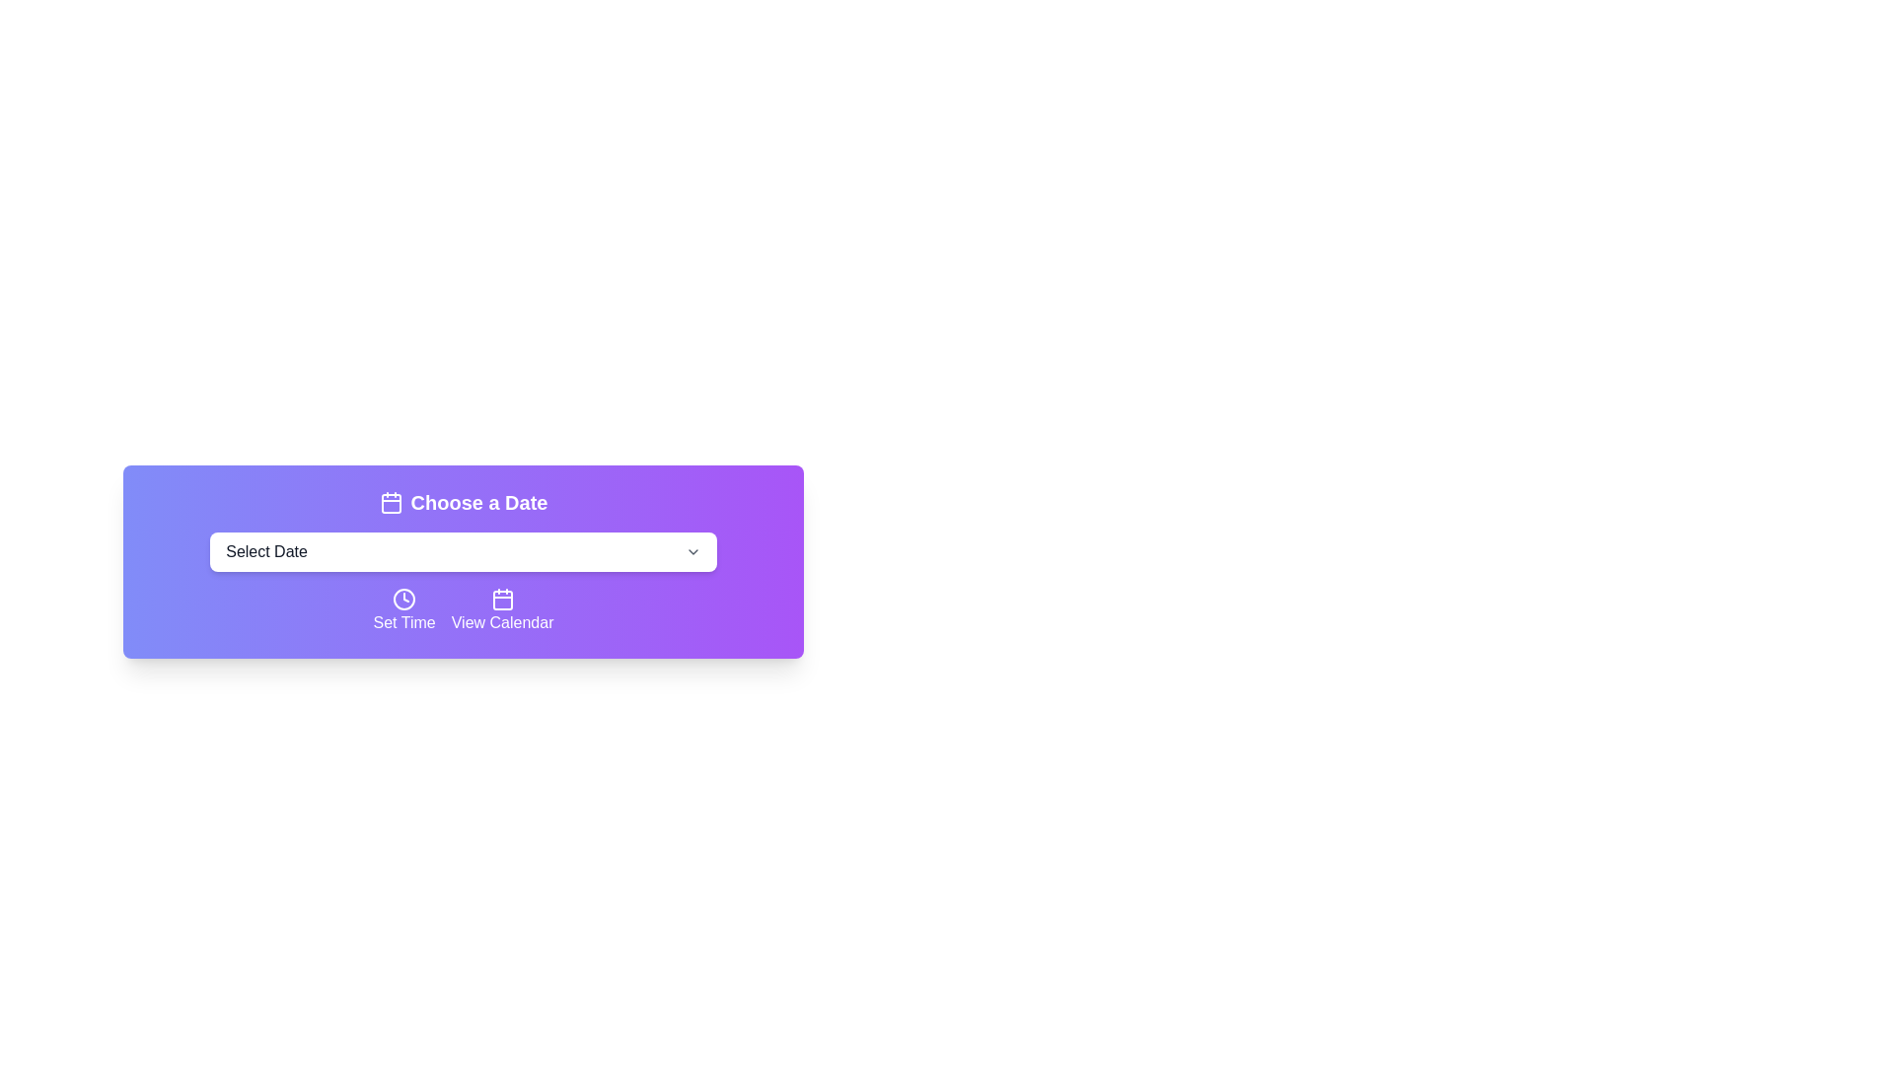 This screenshot has width=1894, height=1065. I want to click on the clock icon with a circular border and clock hands, located leftmost among the buttons below the date picker, so click(403, 599).